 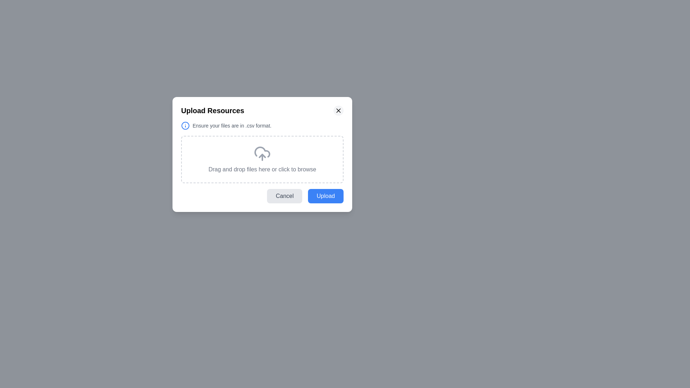 What do you see at coordinates (262, 152) in the screenshot?
I see `the File upload prompt that instructs 'Ensure your files are in .csv format.'` at bounding box center [262, 152].